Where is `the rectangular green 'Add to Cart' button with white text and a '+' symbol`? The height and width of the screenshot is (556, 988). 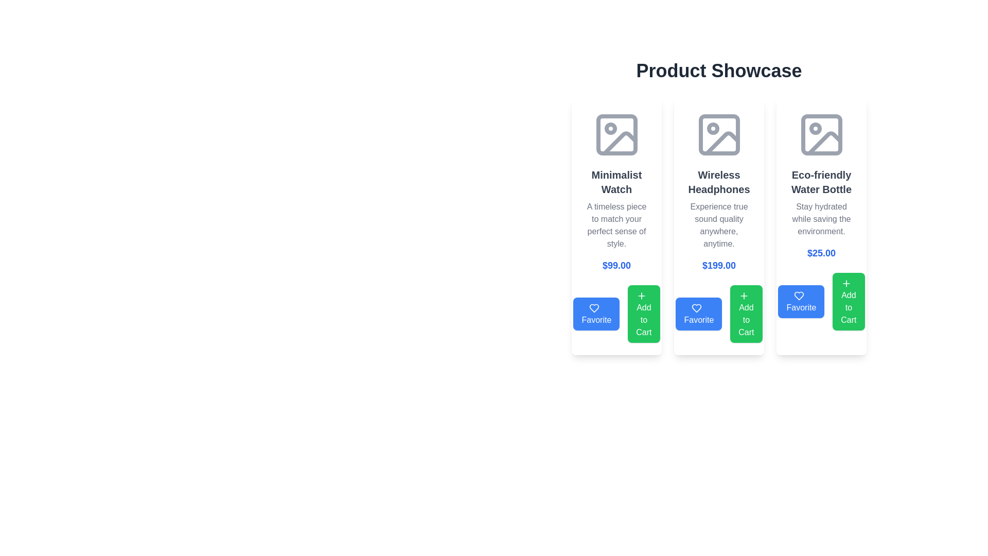 the rectangular green 'Add to Cart' button with white text and a '+' symbol is located at coordinates (849, 301).